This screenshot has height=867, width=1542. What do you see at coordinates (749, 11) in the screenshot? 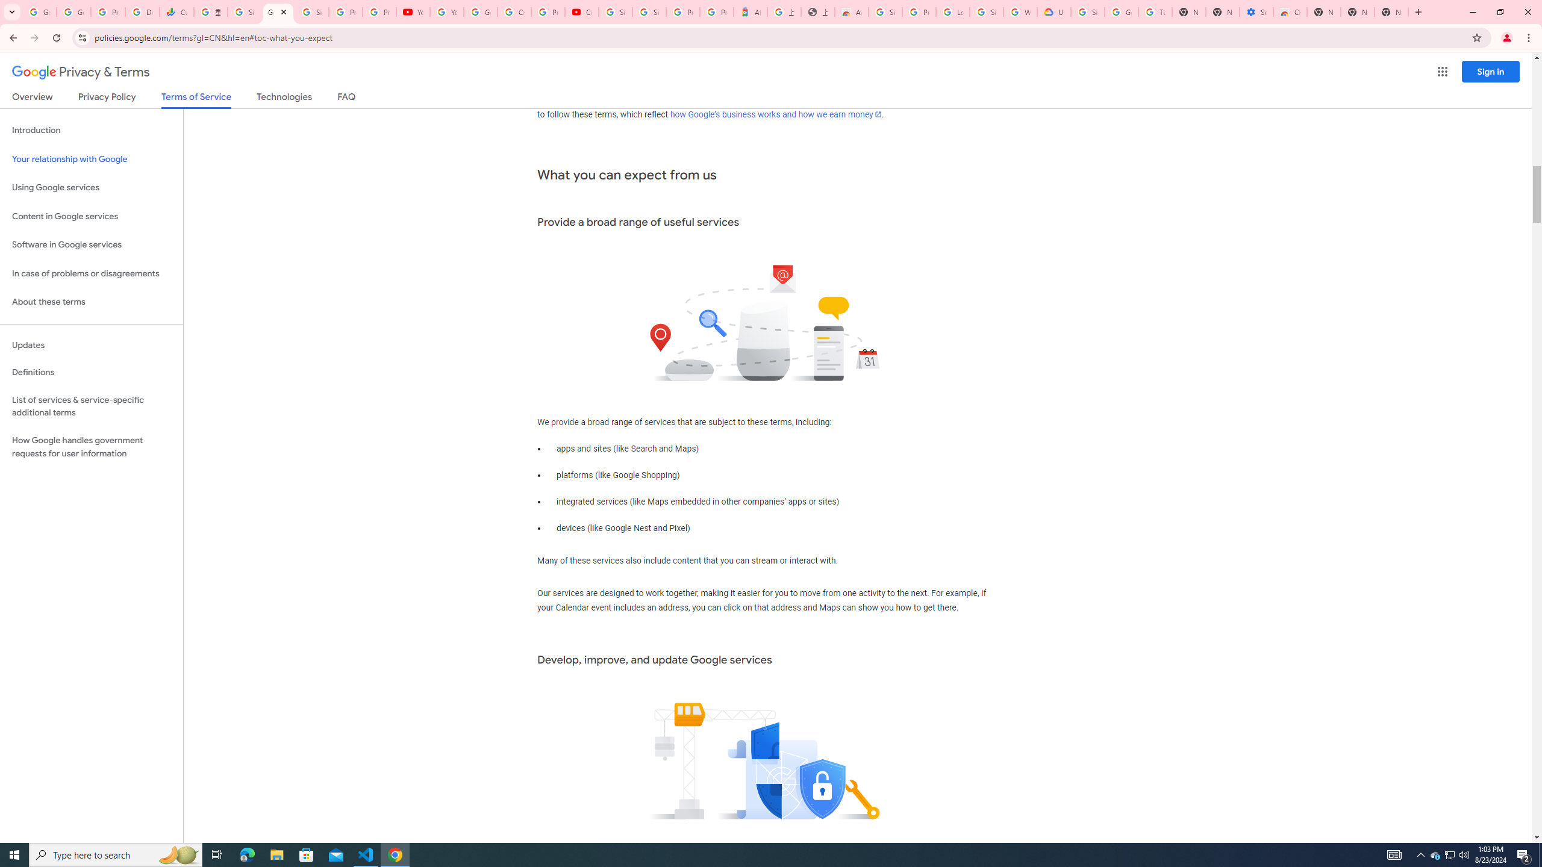
I see `'Atour Hotel - Google hotels'` at bounding box center [749, 11].